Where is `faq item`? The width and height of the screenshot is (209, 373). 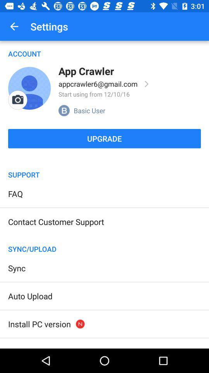 faq item is located at coordinates (15, 193).